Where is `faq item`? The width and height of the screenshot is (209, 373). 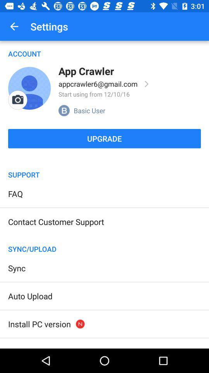 faq item is located at coordinates (15, 193).